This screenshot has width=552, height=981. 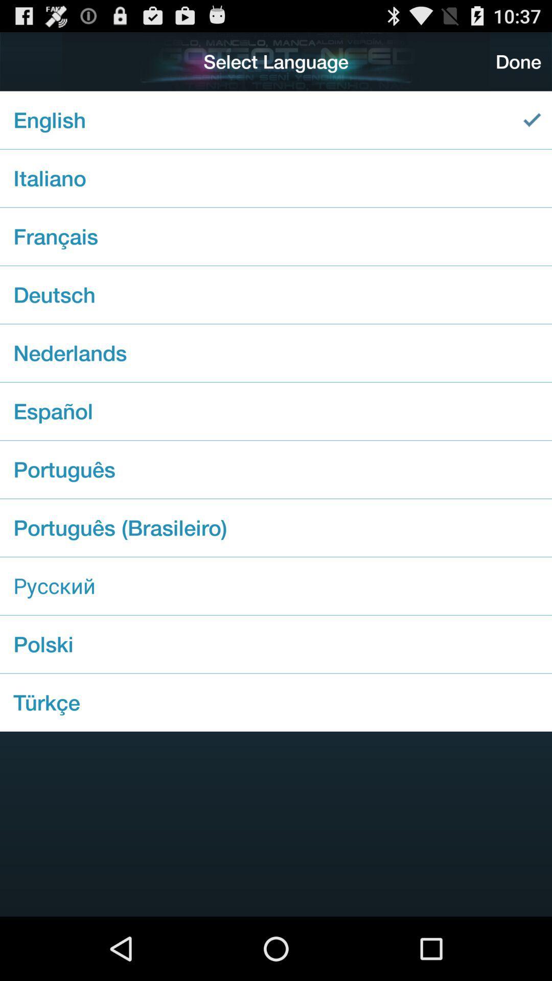 I want to click on the item below the nederlands checkbox, so click(x=276, y=411).